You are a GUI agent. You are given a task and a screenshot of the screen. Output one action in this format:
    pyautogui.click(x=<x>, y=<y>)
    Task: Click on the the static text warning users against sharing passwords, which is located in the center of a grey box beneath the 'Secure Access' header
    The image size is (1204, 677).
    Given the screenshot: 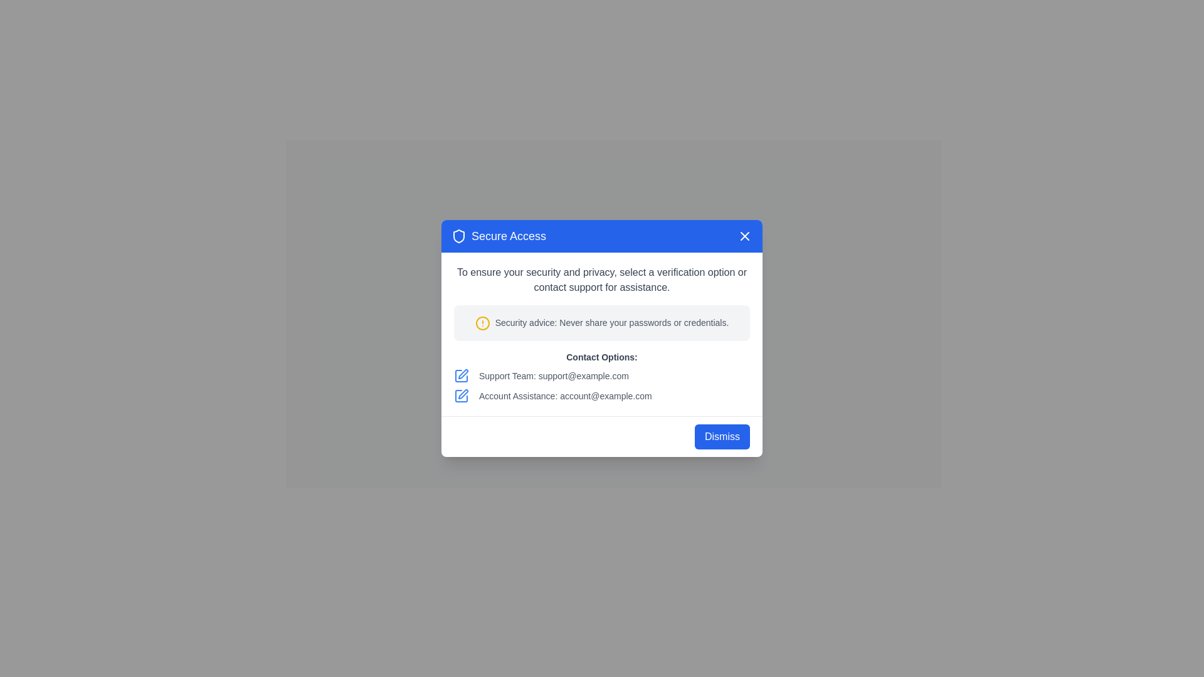 What is the action you would take?
    pyautogui.click(x=611, y=322)
    